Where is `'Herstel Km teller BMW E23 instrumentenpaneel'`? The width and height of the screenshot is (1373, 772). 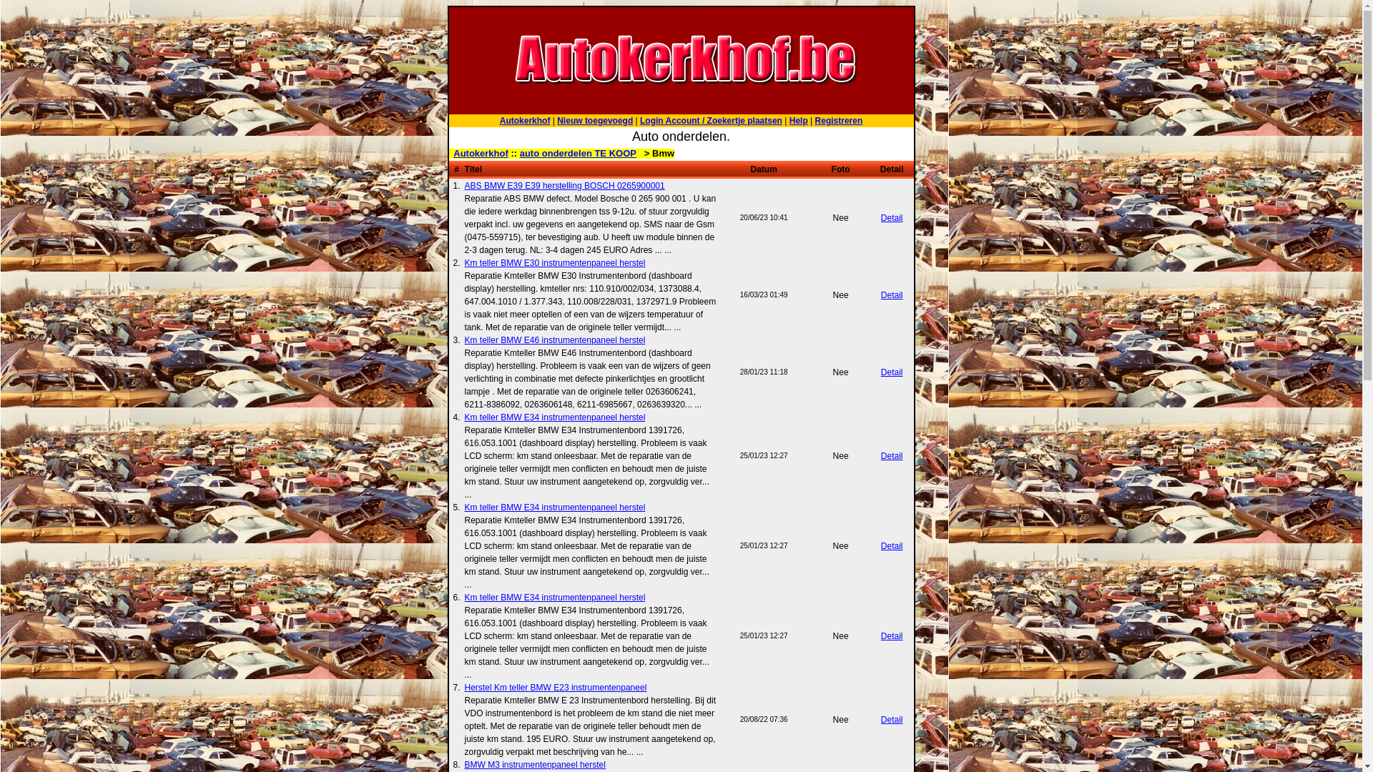
'Herstel Km teller BMW E23 instrumentenpaneel' is located at coordinates (555, 686).